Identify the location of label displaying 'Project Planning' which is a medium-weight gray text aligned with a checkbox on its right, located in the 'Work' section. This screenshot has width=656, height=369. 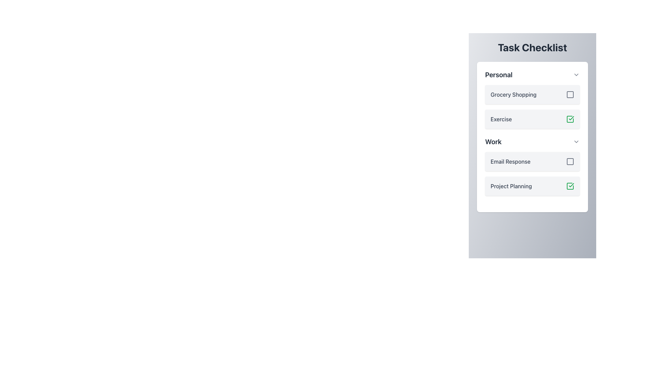
(511, 186).